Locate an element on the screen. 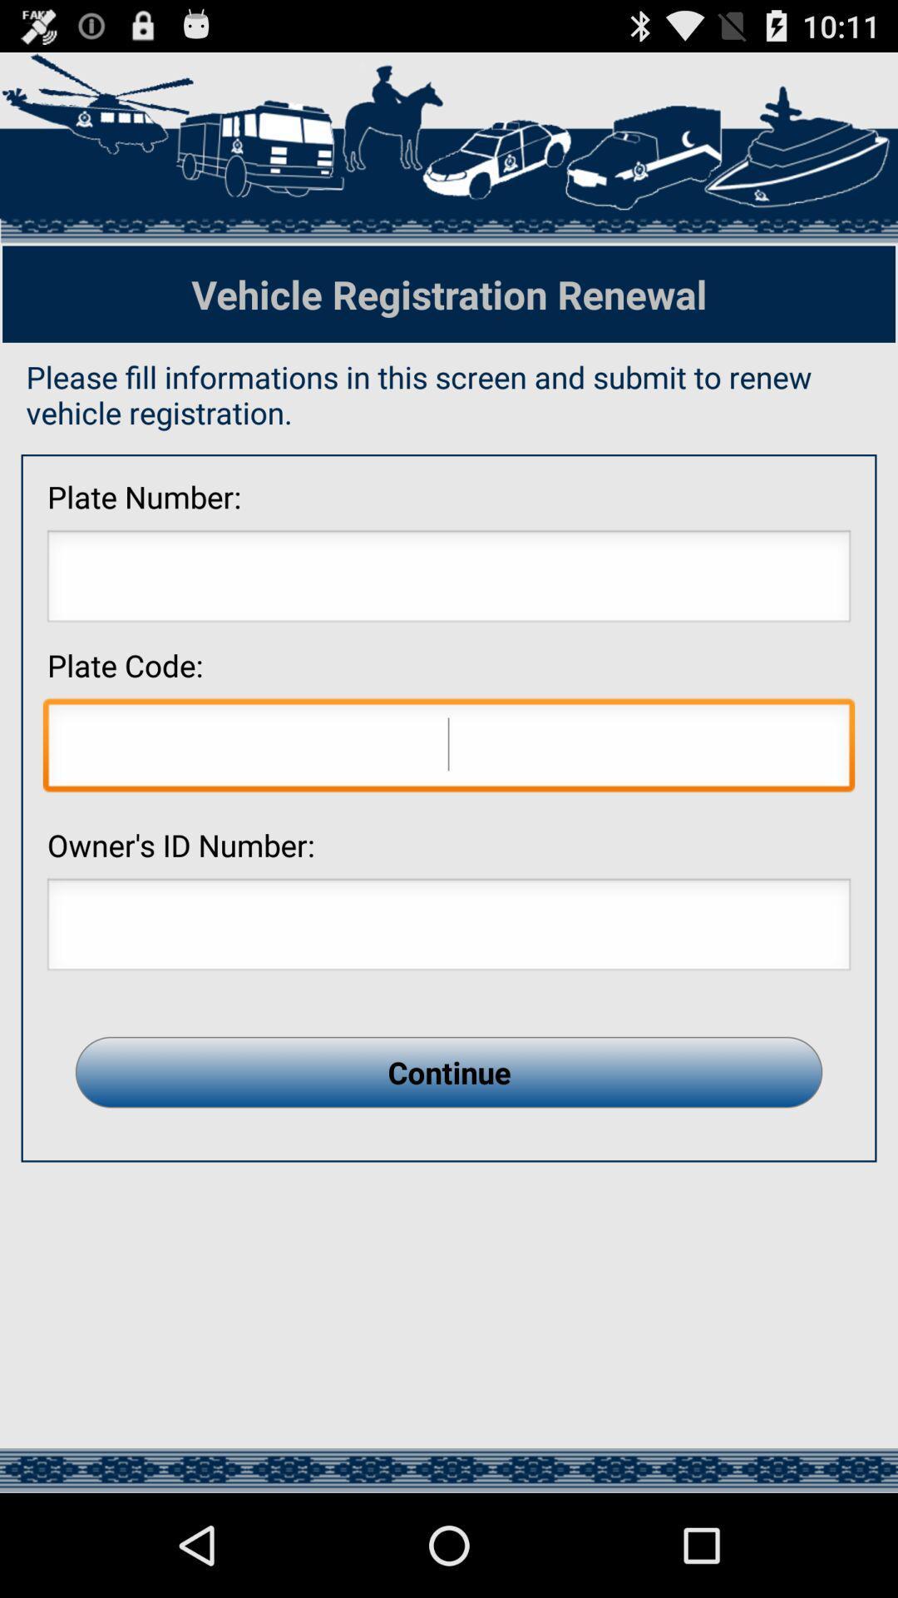 This screenshot has width=898, height=1598. name button is located at coordinates (449, 928).